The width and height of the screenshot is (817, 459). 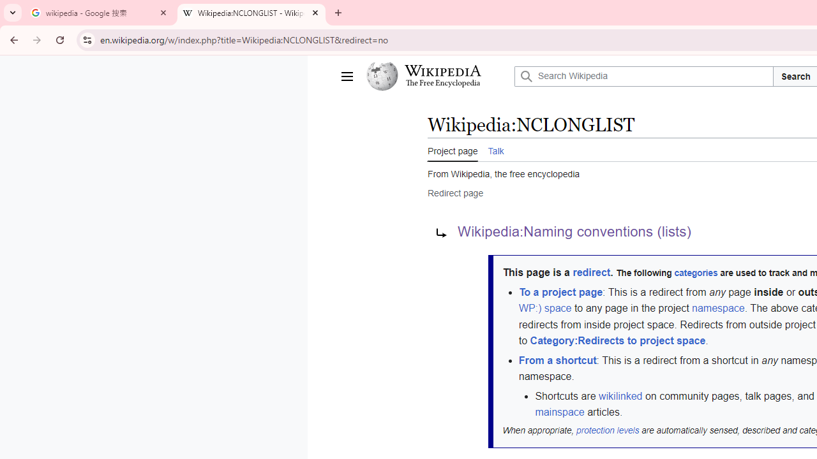 What do you see at coordinates (37, 39) in the screenshot?
I see `'Forward'` at bounding box center [37, 39].